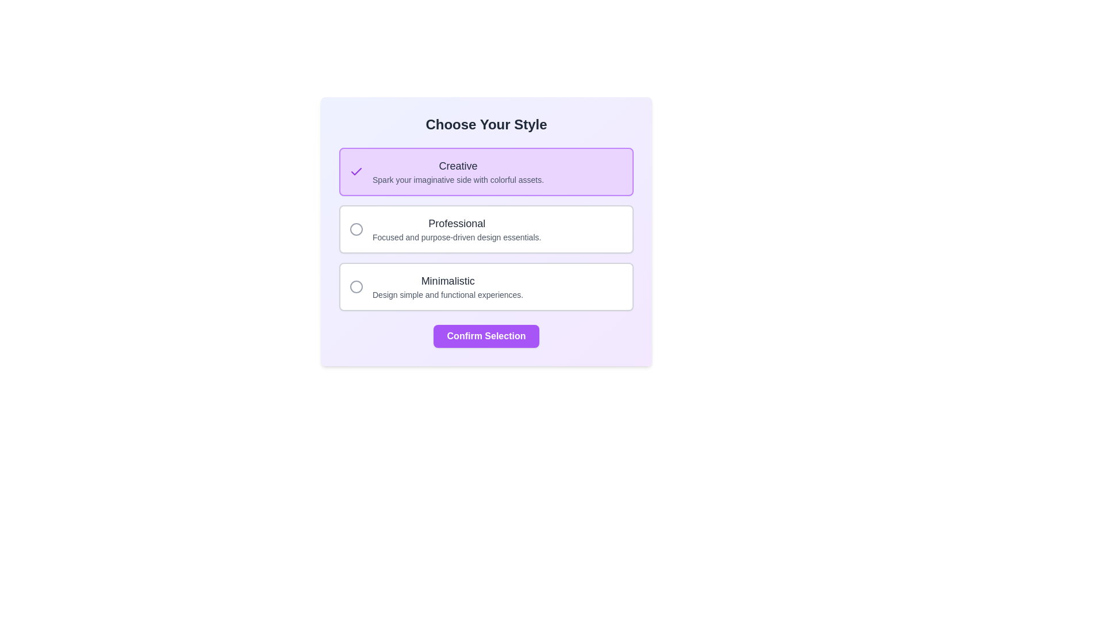 The height and width of the screenshot is (621, 1104). I want to click on the circular checkbox indicator for the 'Minimalistic' style option in the 'Choose Your Style' interface, so click(355, 286).